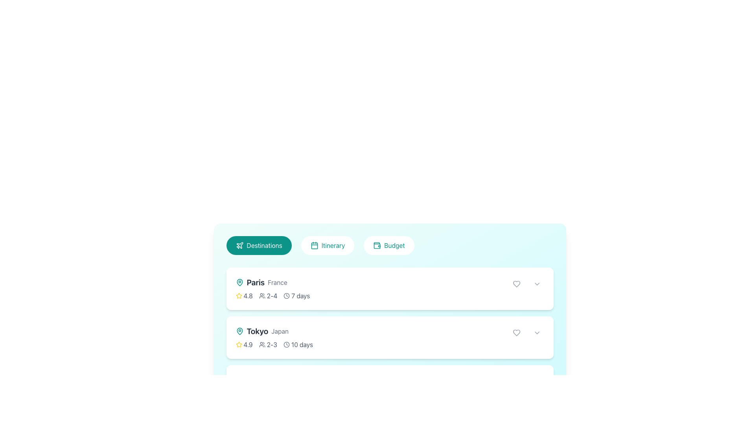  I want to click on the teal-colored map pin icon located to the left of the word 'Tokyo' in bold text, which is part of the 'Destinations' section, so click(239, 331).